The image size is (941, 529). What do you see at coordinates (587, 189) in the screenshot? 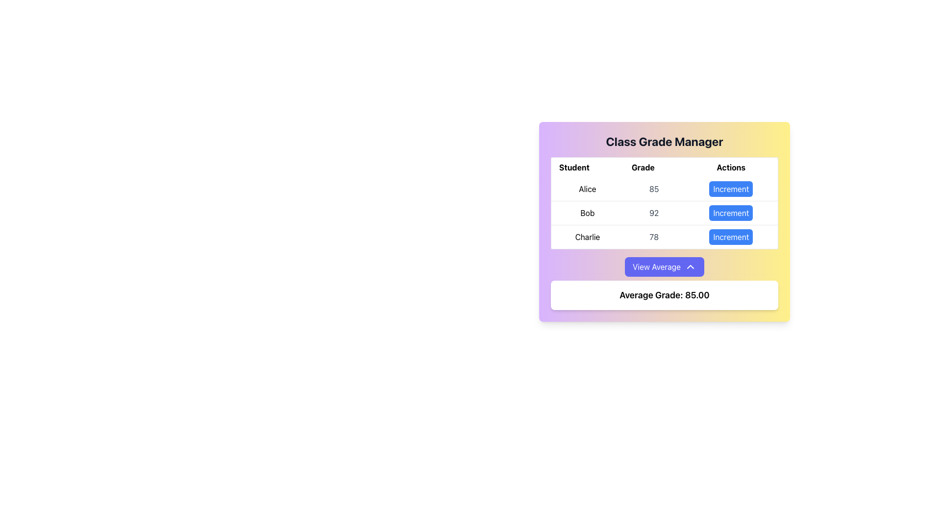
I see `the text label 'Alice' in the student record table, which is located in the topmost row under the column labeled 'Student'` at bounding box center [587, 189].